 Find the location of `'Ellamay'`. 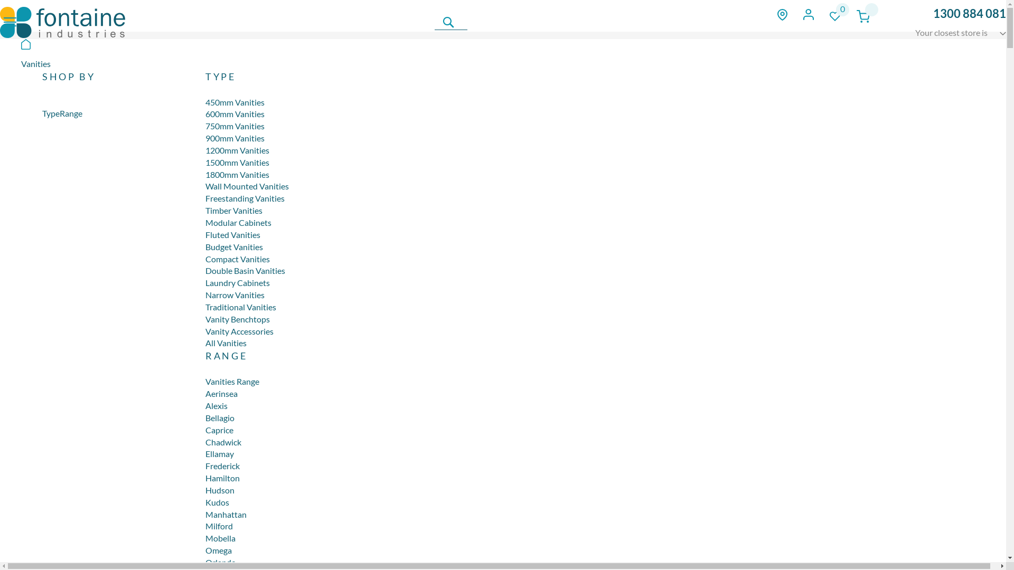

'Ellamay' is located at coordinates (219, 453).